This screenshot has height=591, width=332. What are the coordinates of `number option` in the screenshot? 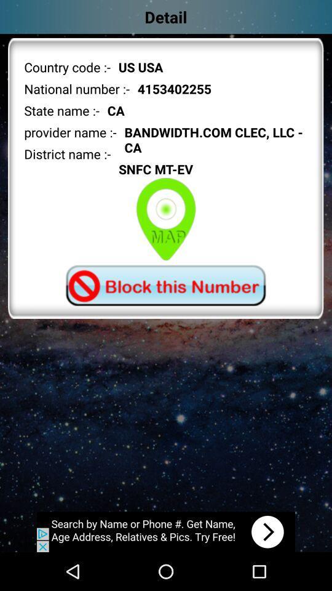 It's located at (165, 285).